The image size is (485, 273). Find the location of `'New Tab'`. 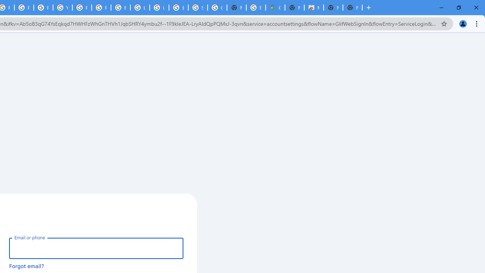

'New Tab' is located at coordinates (352, 8).